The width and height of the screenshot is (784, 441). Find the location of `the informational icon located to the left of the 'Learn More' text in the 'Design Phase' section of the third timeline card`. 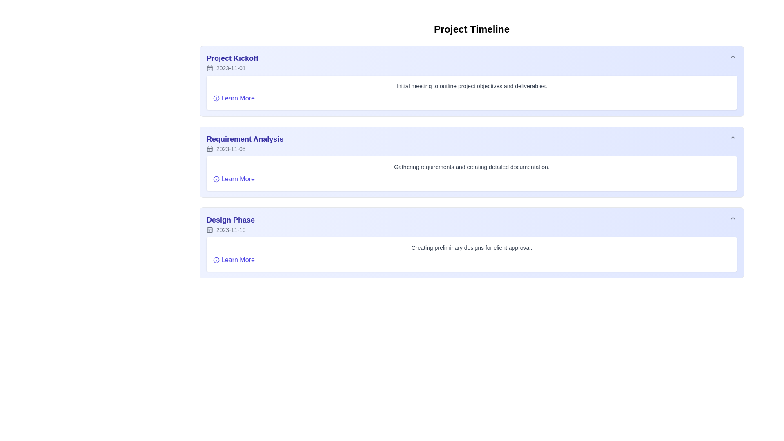

the informational icon located to the left of the 'Learn More' text in the 'Design Phase' section of the third timeline card is located at coordinates (216, 260).